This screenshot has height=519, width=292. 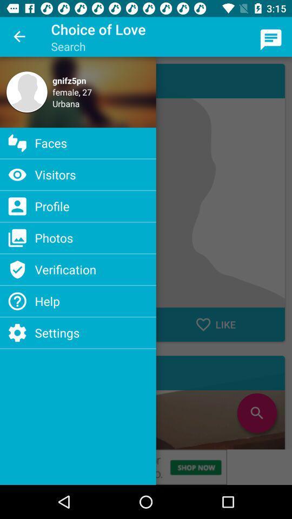 I want to click on the search icon, so click(x=256, y=412).